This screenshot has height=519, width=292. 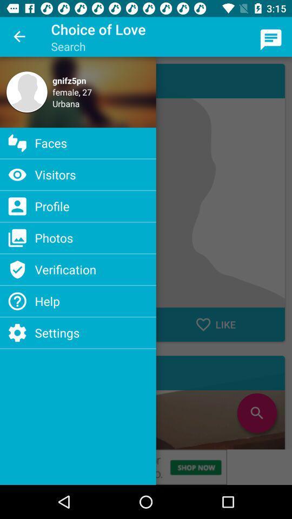 I want to click on the search icon, so click(x=256, y=412).